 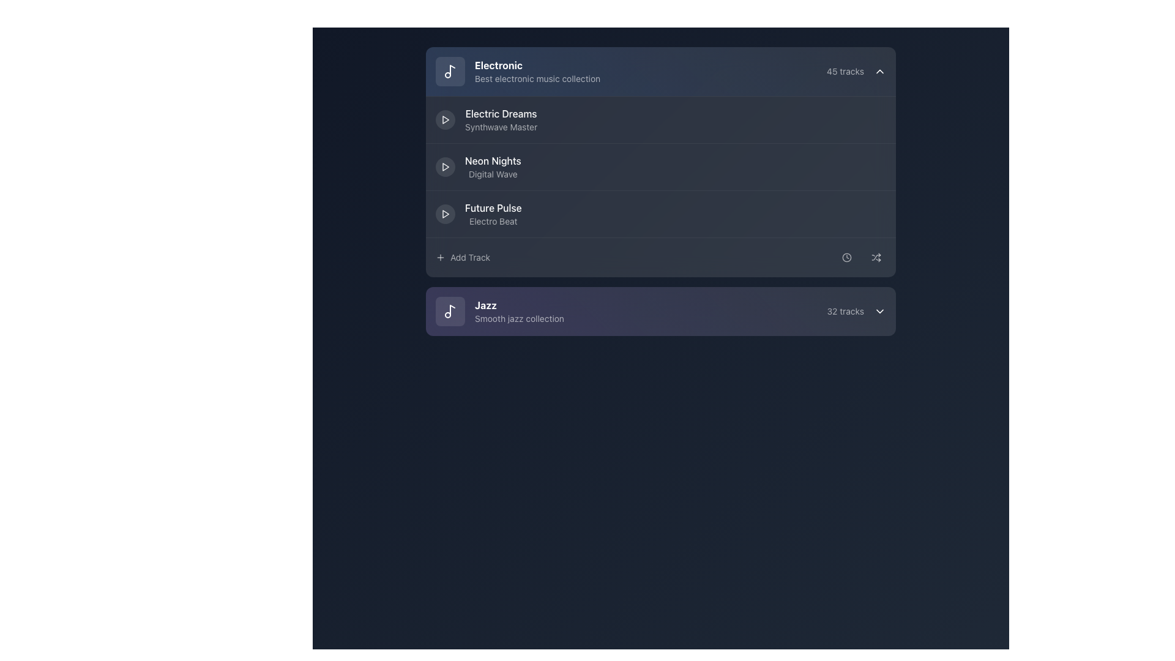 I want to click on the static text element displaying 'Neon Nights', which is styled in white on a dark blue or black background, located under the heading 'Electronic' between 'Electric Dreams' and 'Future Pulse', so click(x=493, y=160).